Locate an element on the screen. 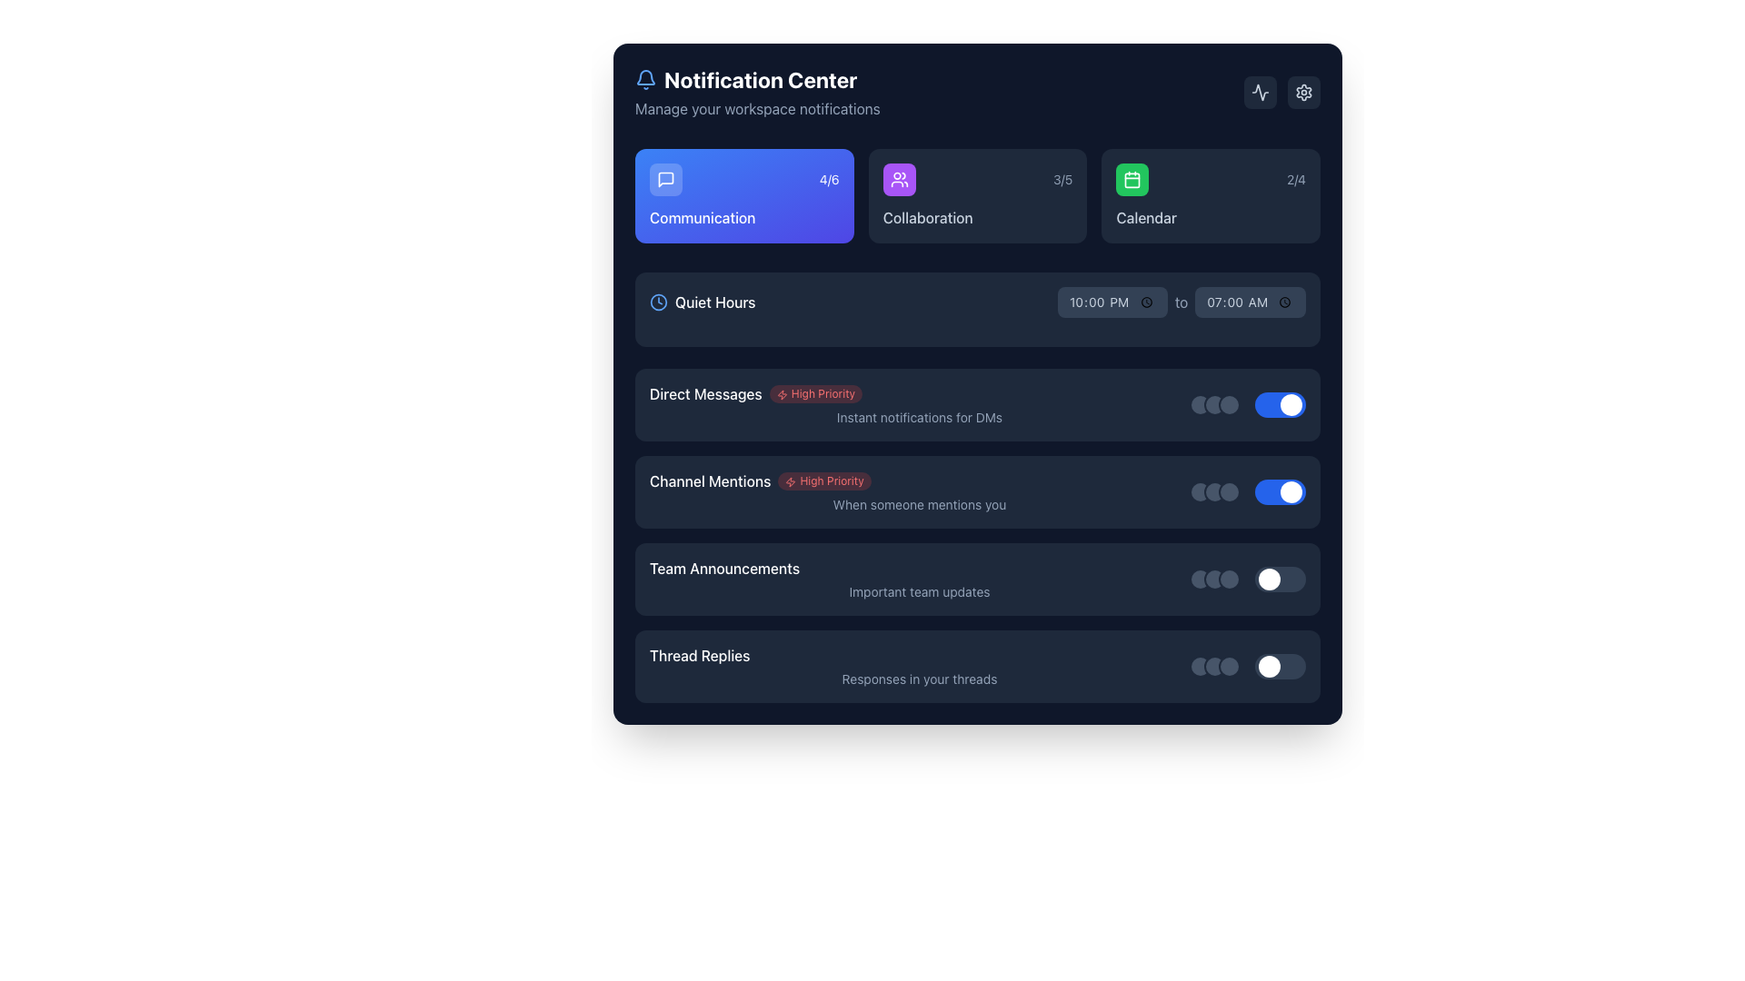  the 'Direct Messages' text label, which is white with medium-weight font on a dark background, located to the left of the 'High Priority' tag and above an informative text is located at coordinates (704, 393).